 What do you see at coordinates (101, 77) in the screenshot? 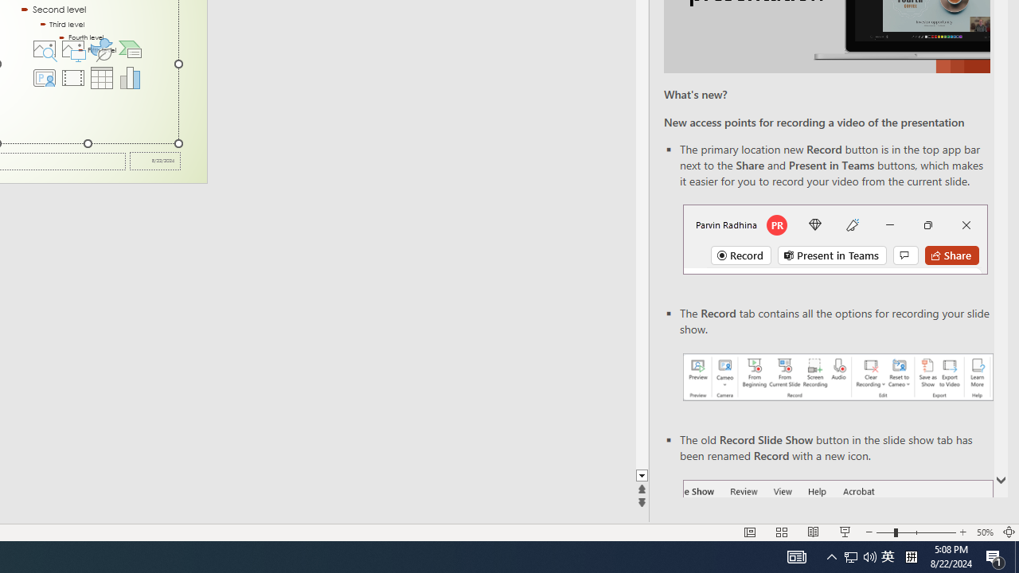
I see `'Insert Table'` at bounding box center [101, 77].